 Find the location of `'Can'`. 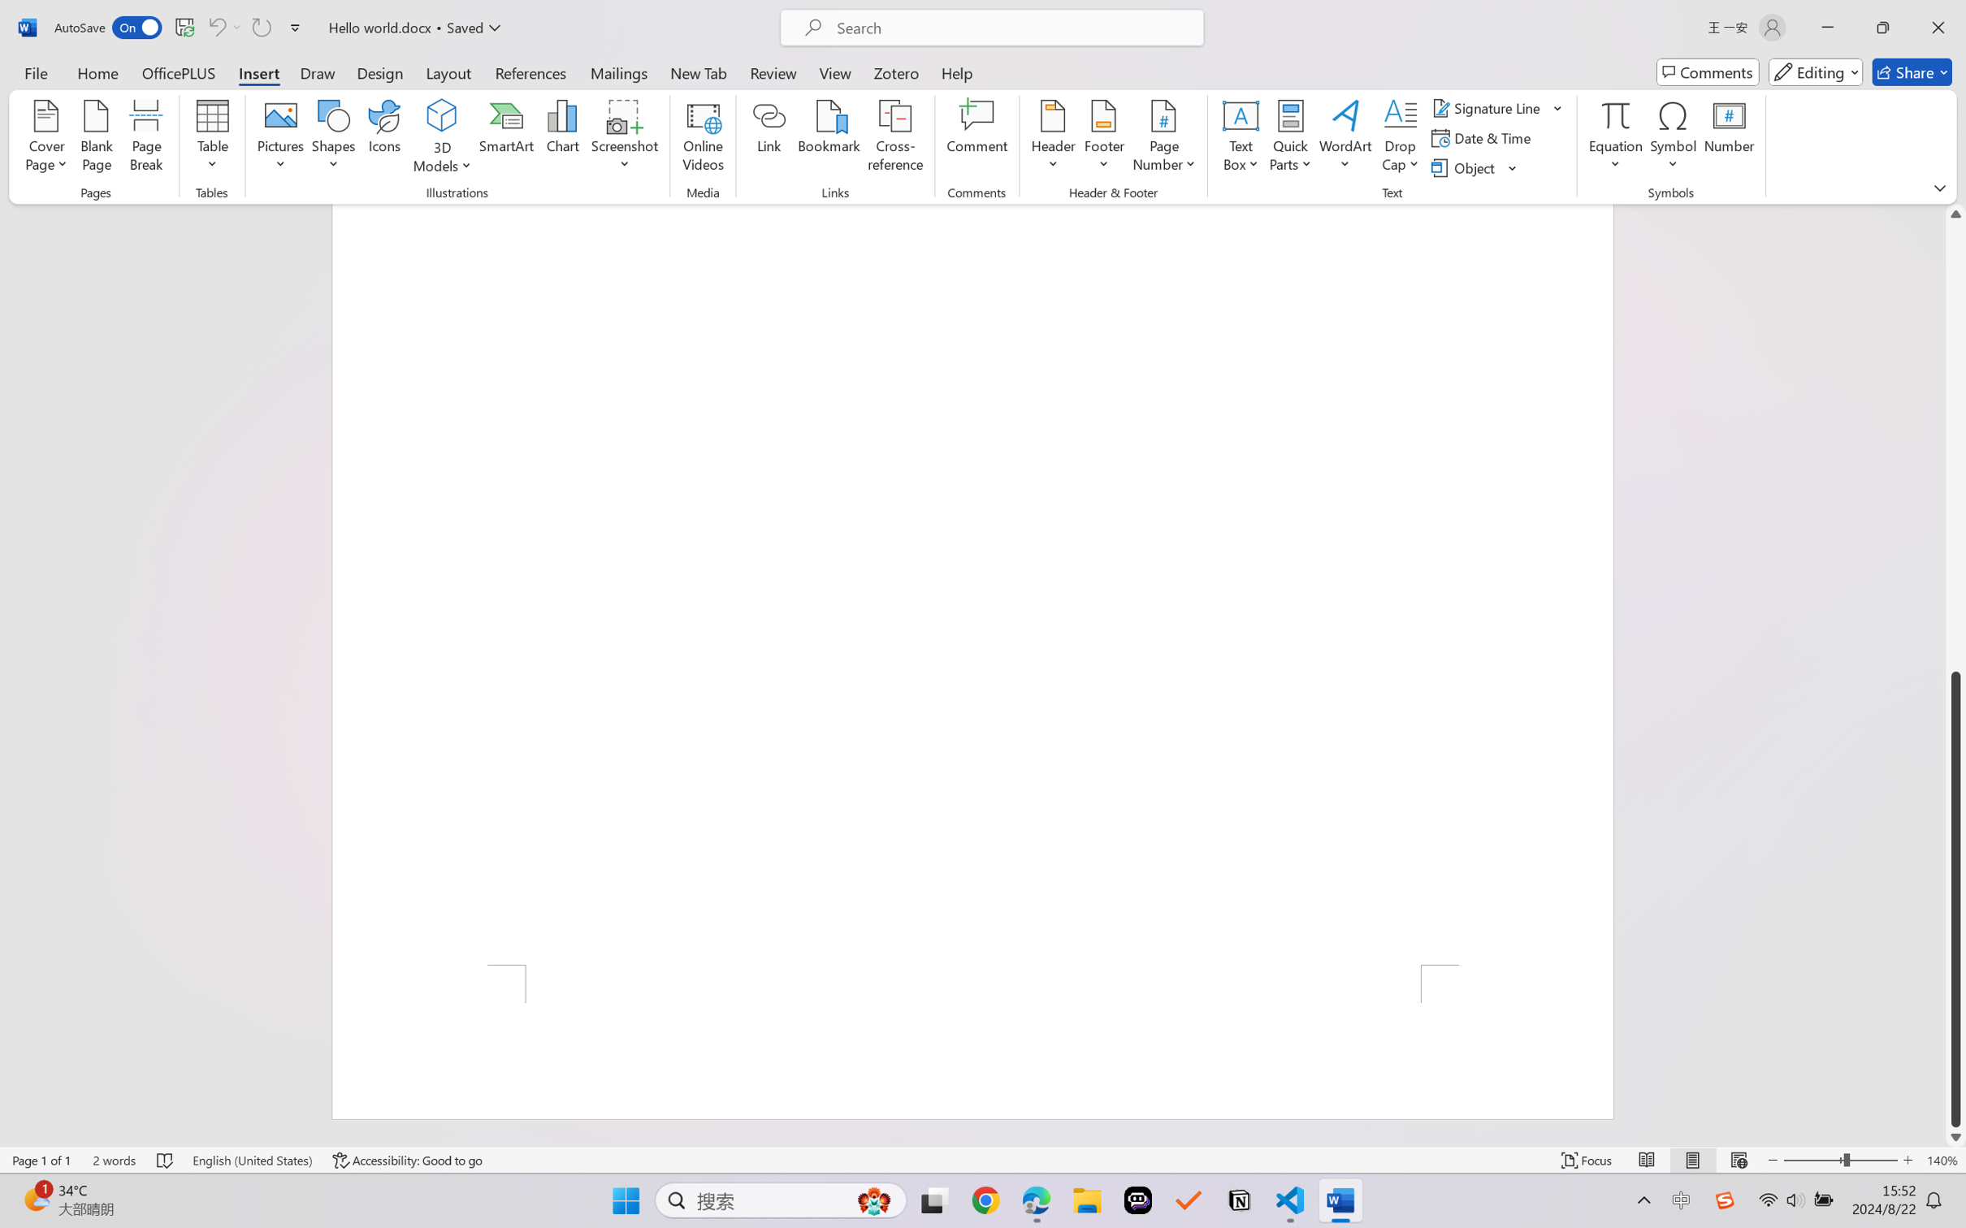

'Can' is located at coordinates (215, 27).